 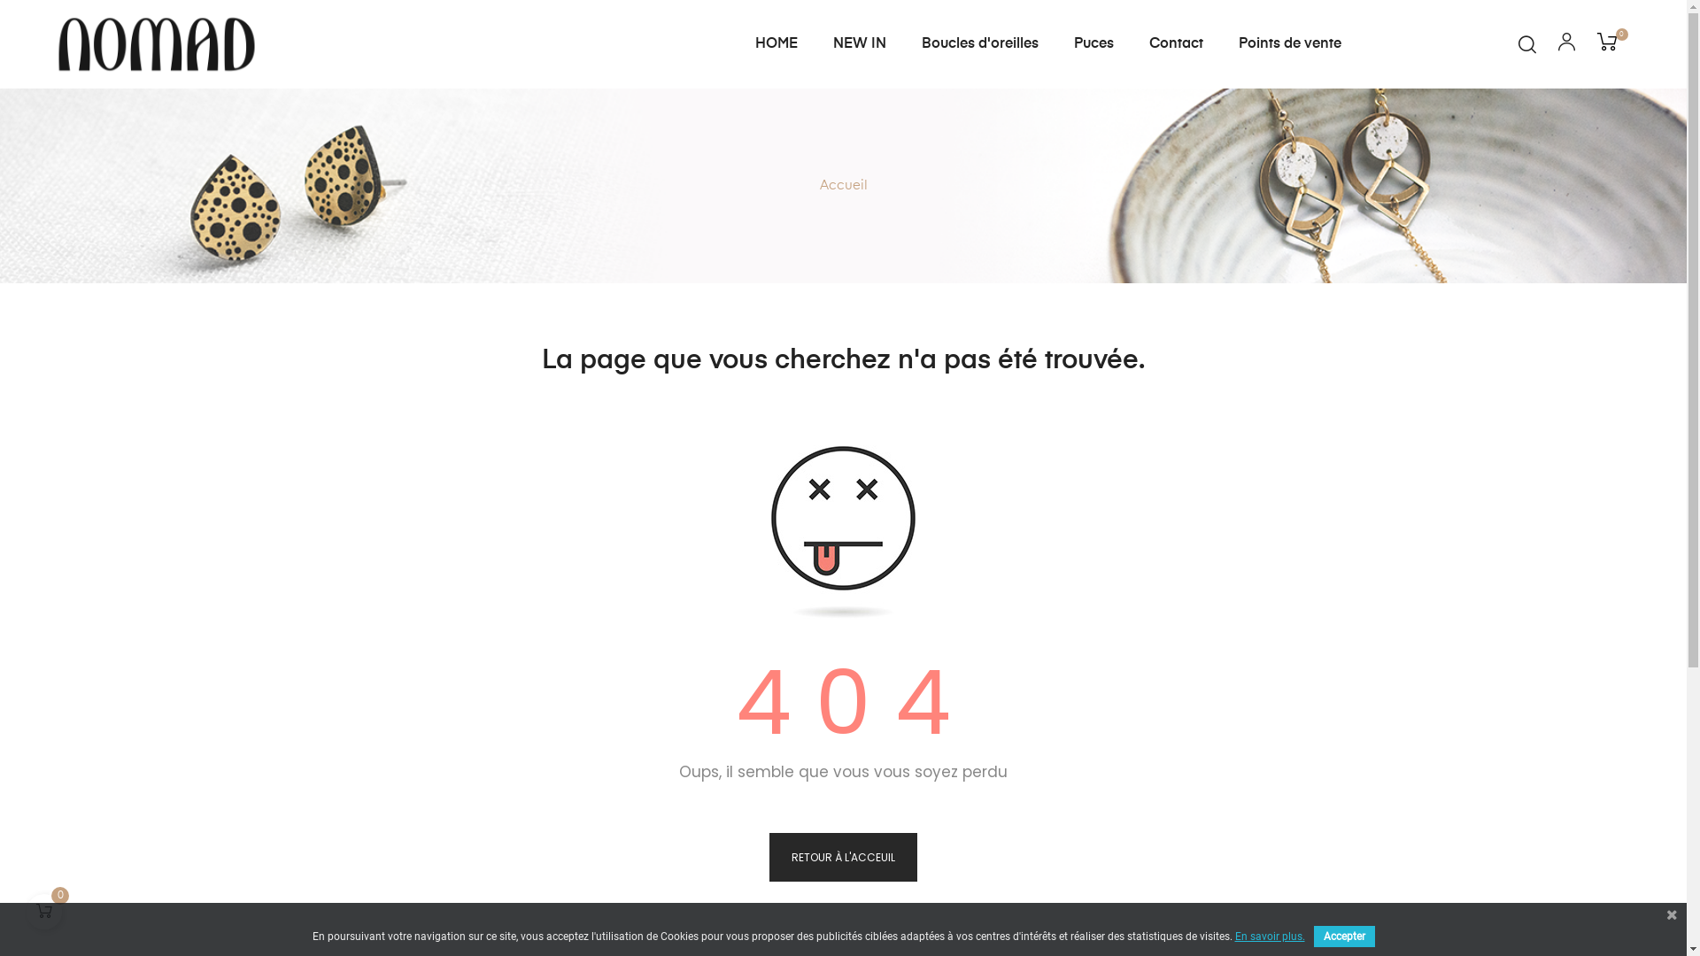 What do you see at coordinates (843, 185) in the screenshot?
I see `'Accueil'` at bounding box center [843, 185].